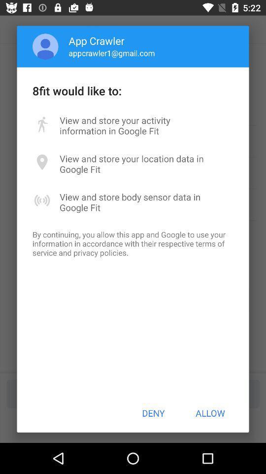  Describe the element at coordinates (111, 53) in the screenshot. I see `the appcrawler1@gmail.com item` at that location.